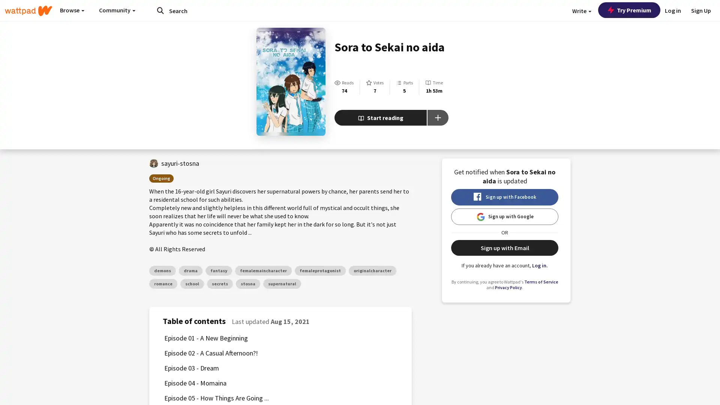  I want to click on Log in., so click(540, 265).